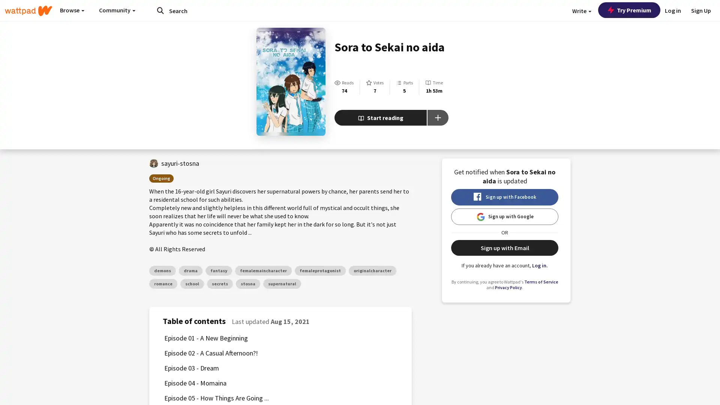  I want to click on Log in., so click(540, 265).